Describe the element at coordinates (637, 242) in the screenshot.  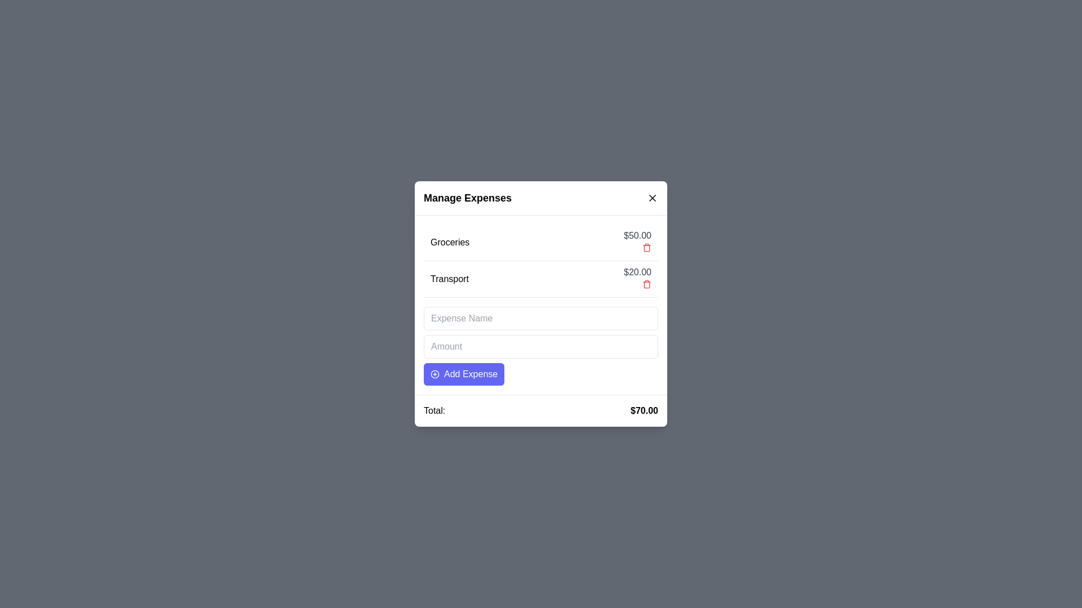
I see `the static text label displaying the amount '$50.00' which is bold and located on the right-hand side of the 'Groceries' entry row` at that location.